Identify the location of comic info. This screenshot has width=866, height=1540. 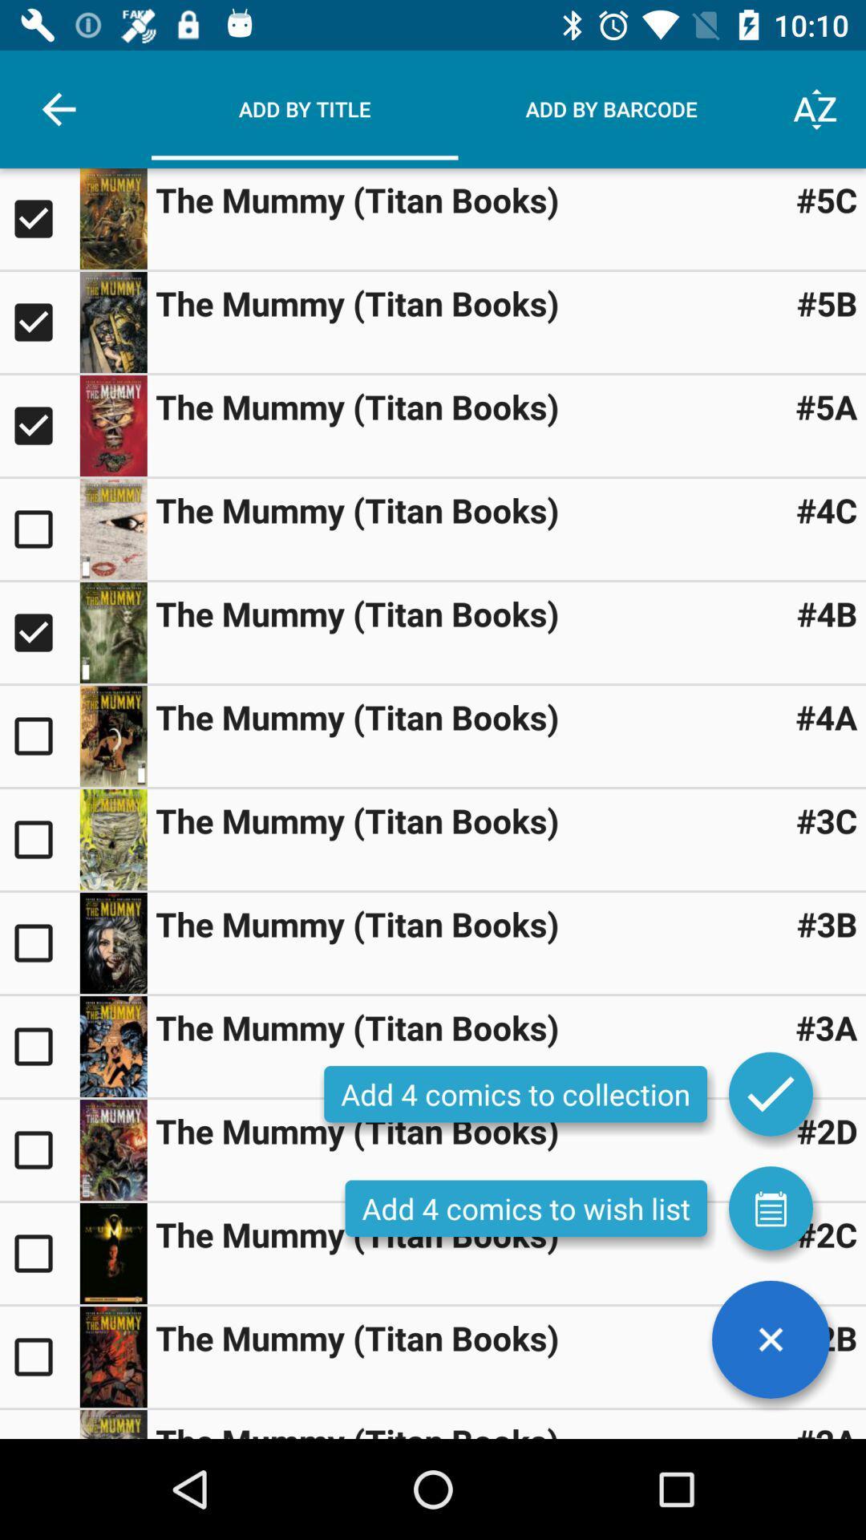
(112, 1356).